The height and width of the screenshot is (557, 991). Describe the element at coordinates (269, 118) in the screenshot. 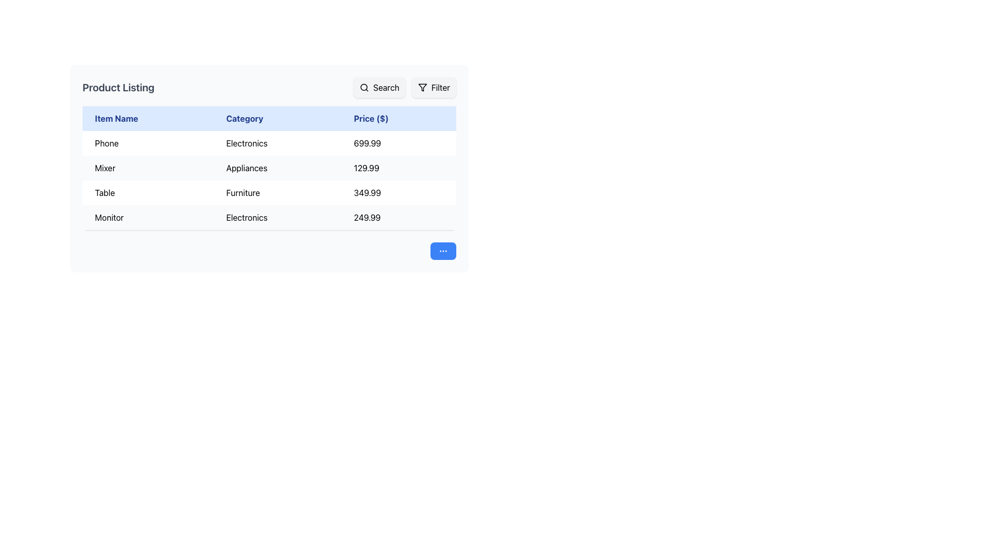

I see `the column headers of the table, which is the header row labeling the columns for item name, category` at that location.